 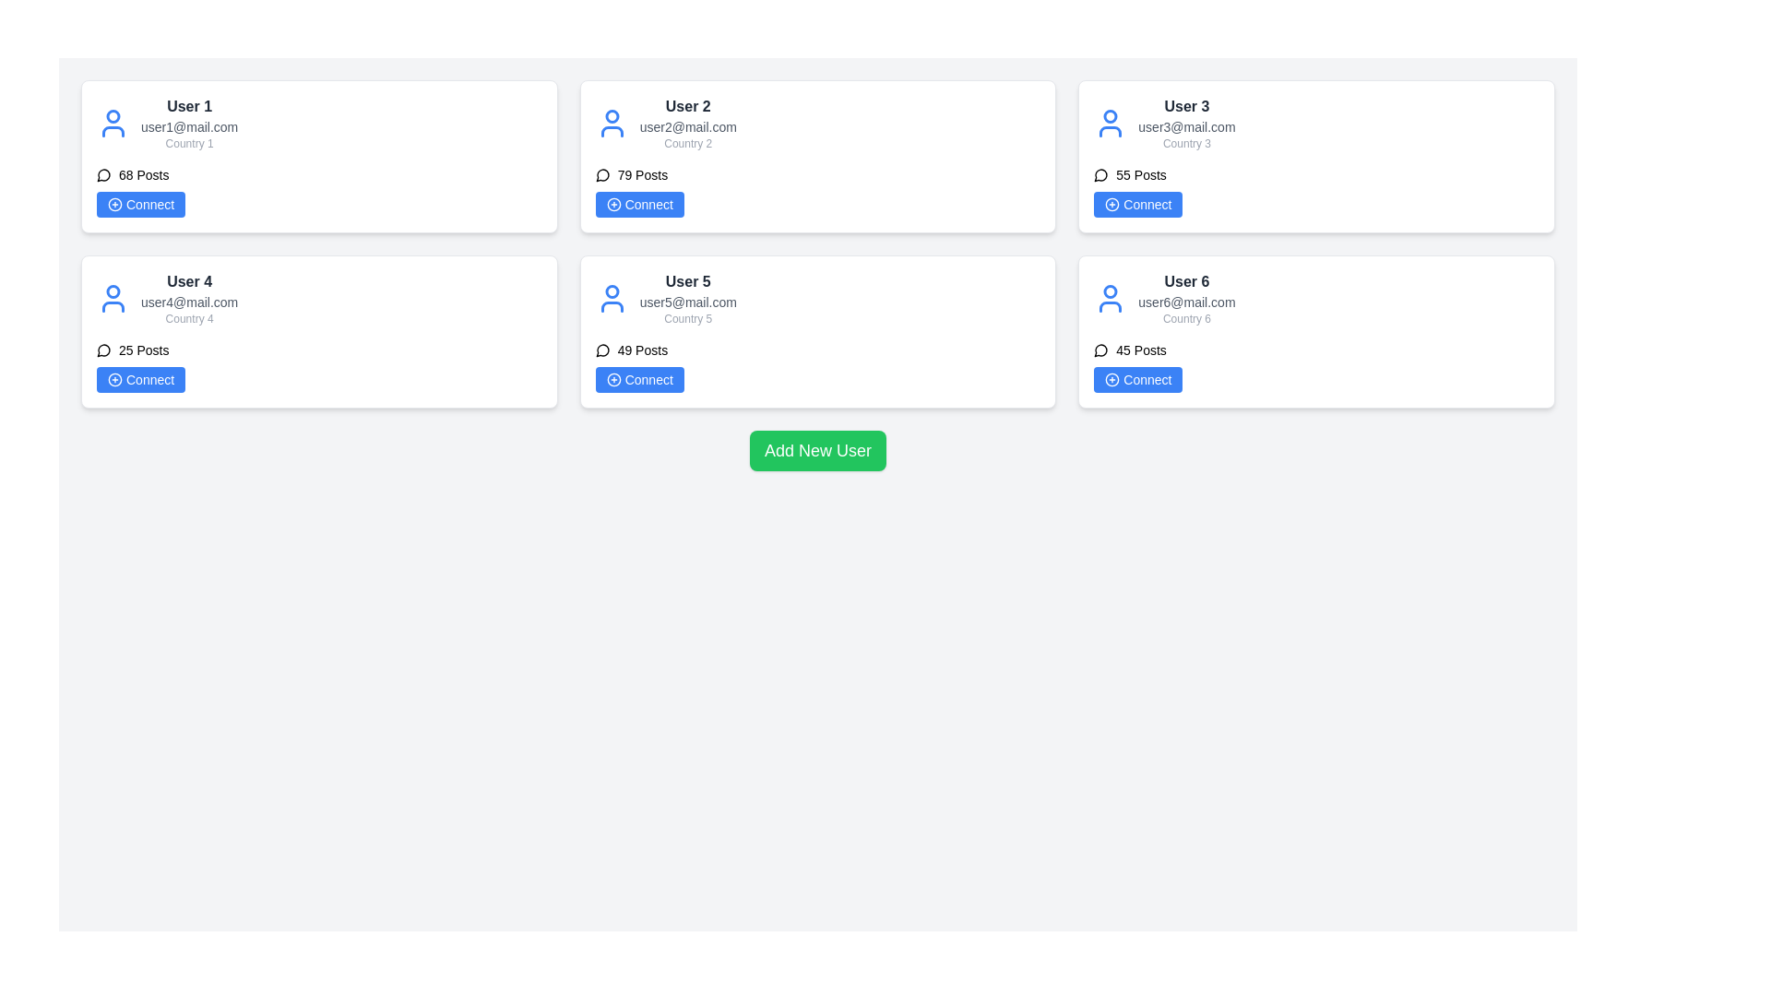 What do you see at coordinates (1110, 298) in the screenshot?
I see `the icon representing 'User 6'` at bounding box center [1110, 298].